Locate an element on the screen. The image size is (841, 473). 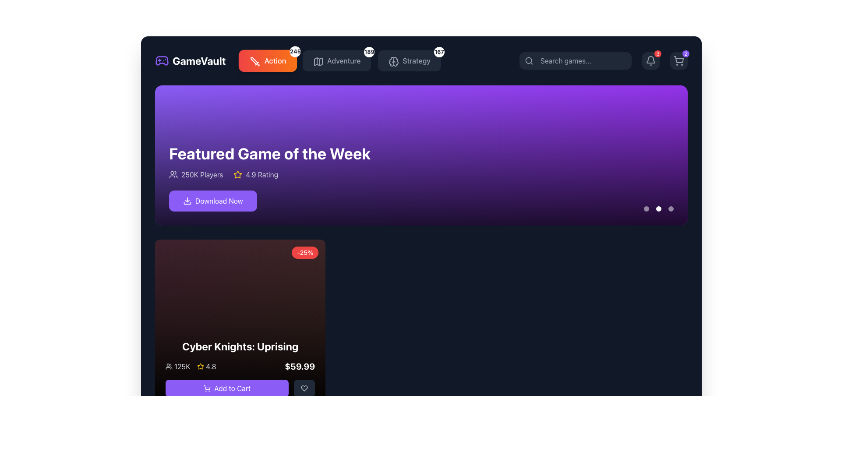
the 'Adventure' button, which is the second button in the horizontal navigation bar is located at coordinates (336, 60).